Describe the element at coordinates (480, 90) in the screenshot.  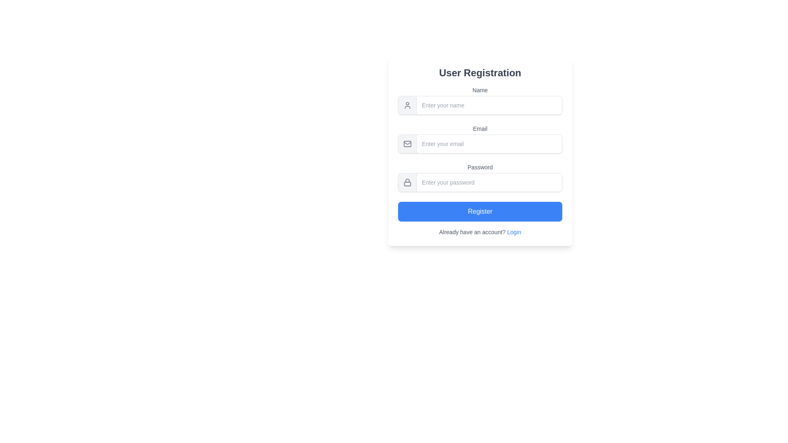
I see `the text label 'Name' which is positioned above the name input field in the form, and is the first label visible near the top left` at that location.